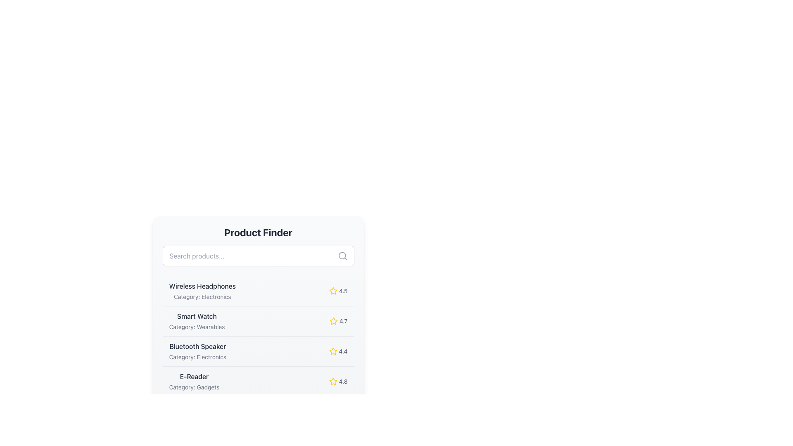 The height and width of the screenshot is (446, 793). What do you see at coordinates (197, 356) in the screenshot?
I see `the text label that reads 'Category: Electronics', which is positioned below the 'Bluetooth Speaker' label in a vertically arranged list` at bounding box center [197, 356].